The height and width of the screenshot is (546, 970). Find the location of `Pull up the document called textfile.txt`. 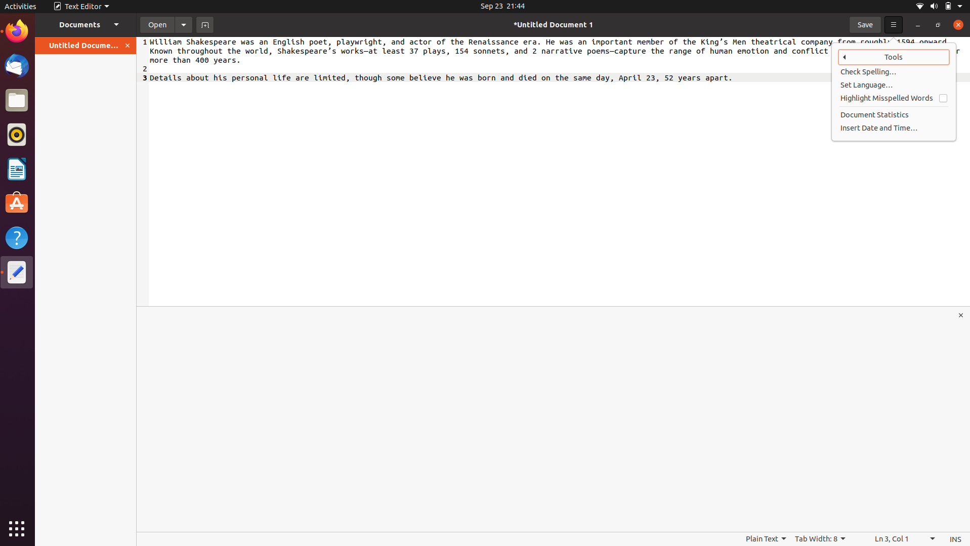

Pull up the document called textfile.txt is located at coordinates (155, 24).